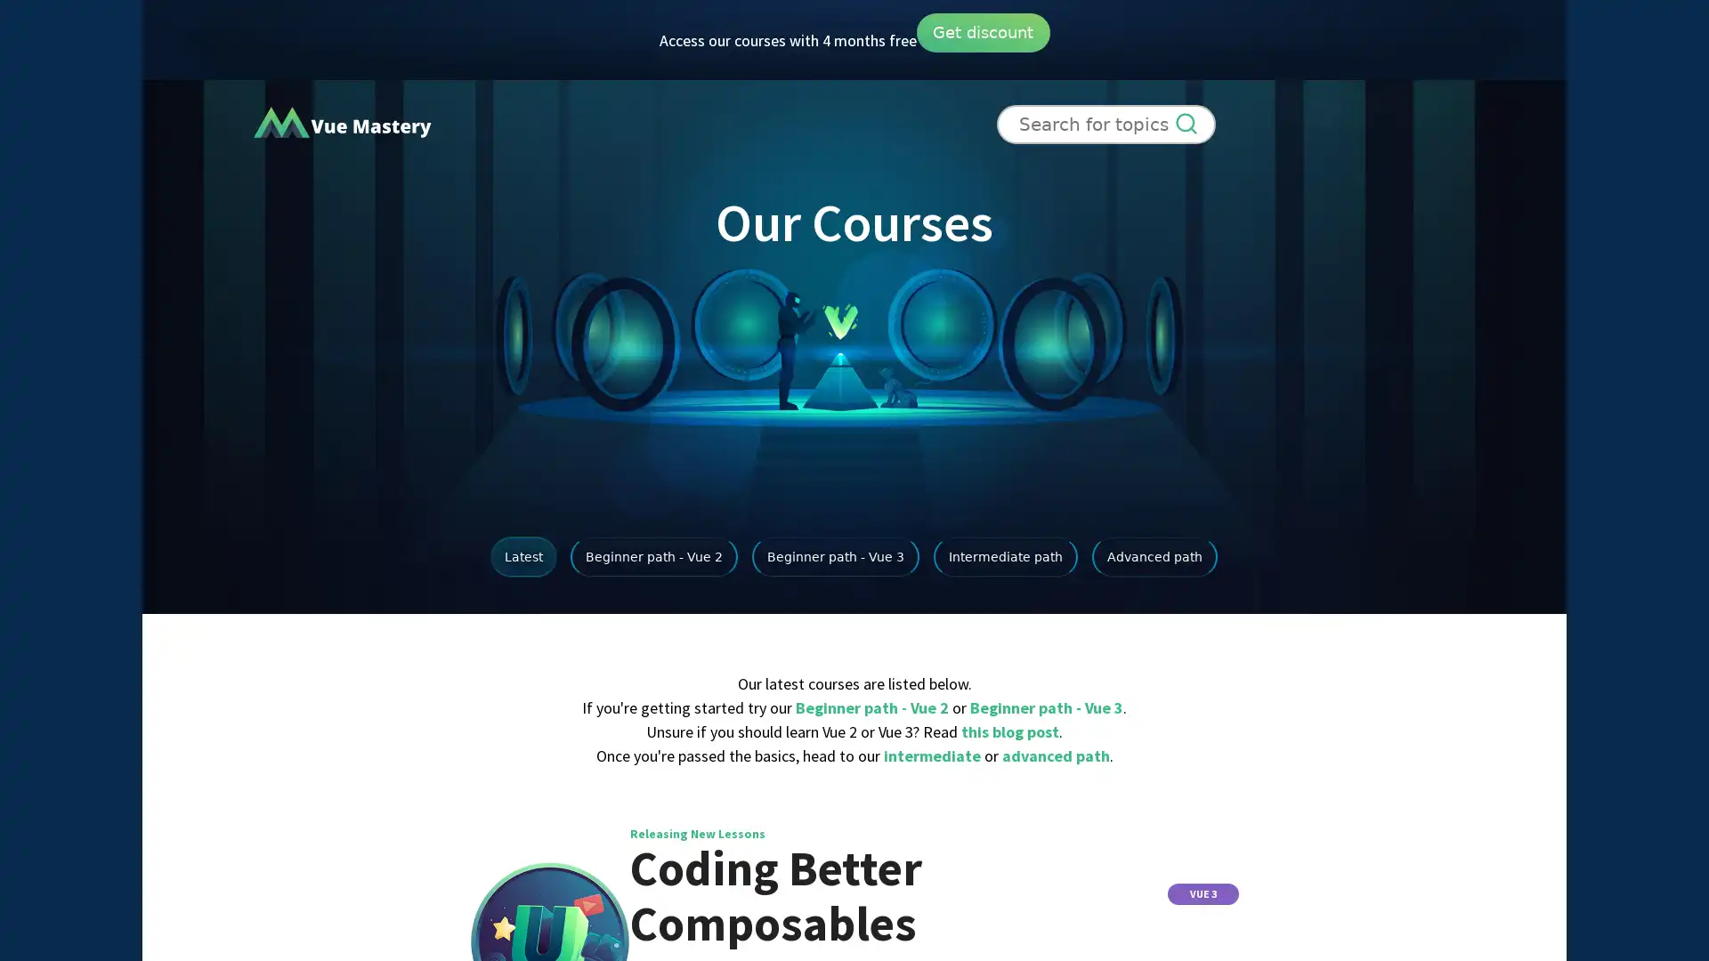 The height and width of the screenshot is (961, 1709). I want to click on Login, so click(1405, 123).